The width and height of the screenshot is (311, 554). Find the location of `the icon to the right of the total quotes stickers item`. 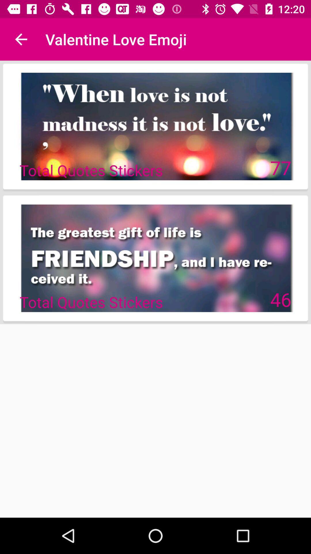

the icon to the right of the total quotes stickers item is located at coordinates (280, 299).